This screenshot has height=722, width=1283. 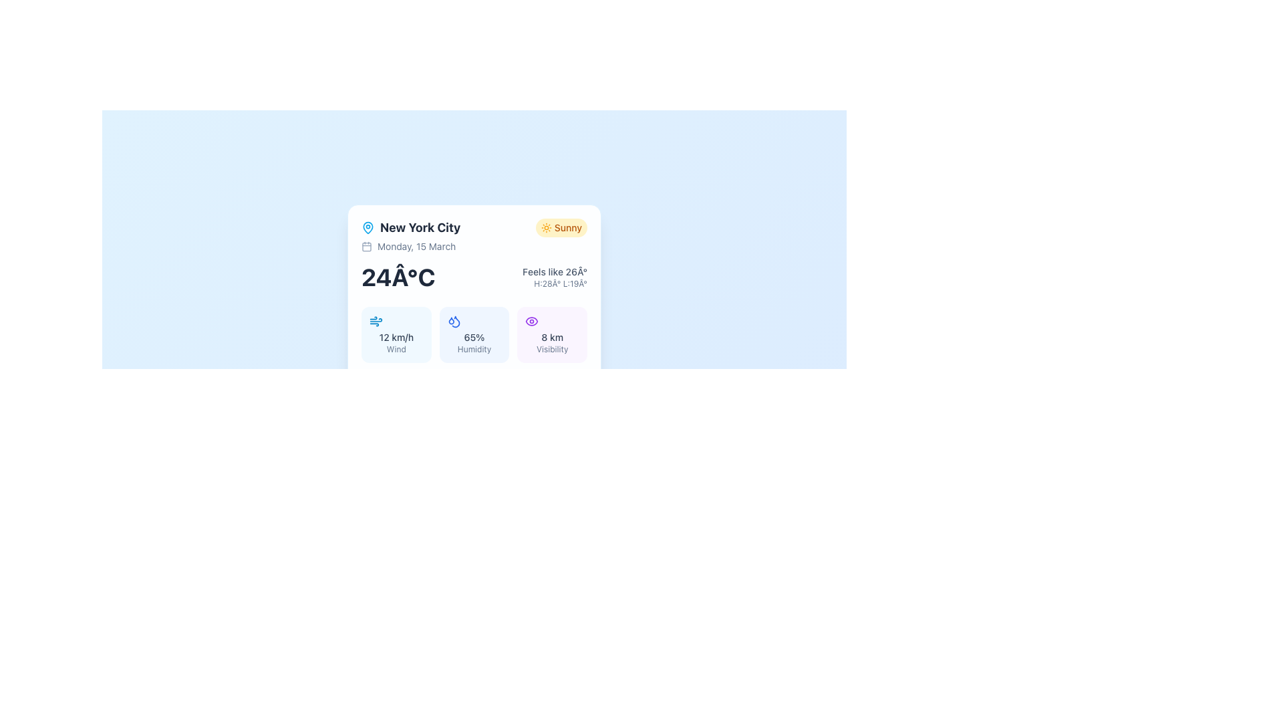 What do you see at coordinates (531, 322) in the screenshot?
I see `the purple eye icon representing visibility, located in the visibility information card above the text '8 km'` at bounding box center [531, 322].